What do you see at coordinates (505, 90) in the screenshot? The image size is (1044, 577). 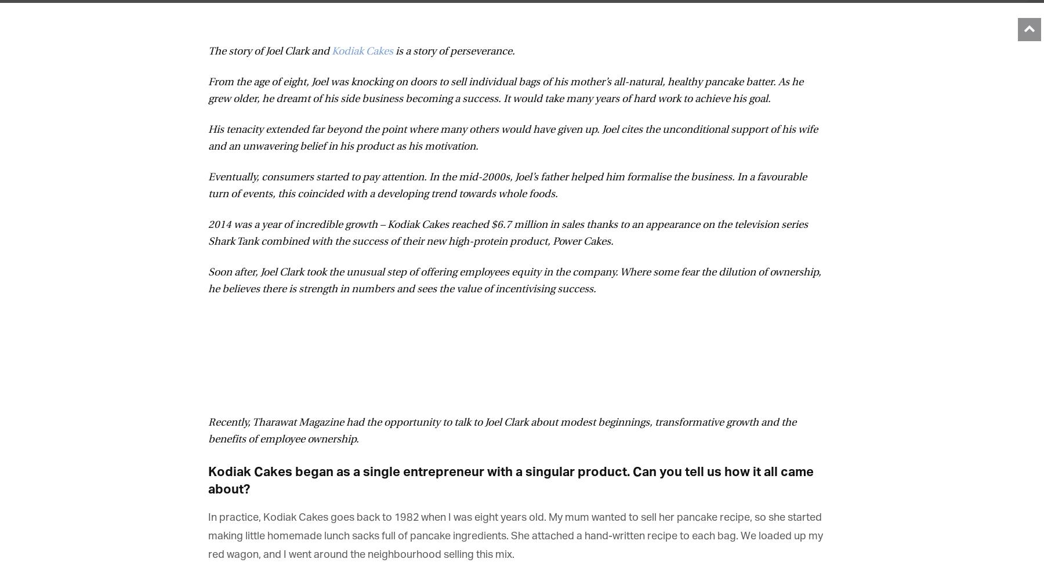 I see `'From the age of eight, Joel was knocking on doors to sell individual bags of his mother’s all-natural, healthy pancake batter. As he grew older, he dreamt of his side business becoming a success. It would take many years of hard work to achieve his goal.'` at bounding box center [505, 90].